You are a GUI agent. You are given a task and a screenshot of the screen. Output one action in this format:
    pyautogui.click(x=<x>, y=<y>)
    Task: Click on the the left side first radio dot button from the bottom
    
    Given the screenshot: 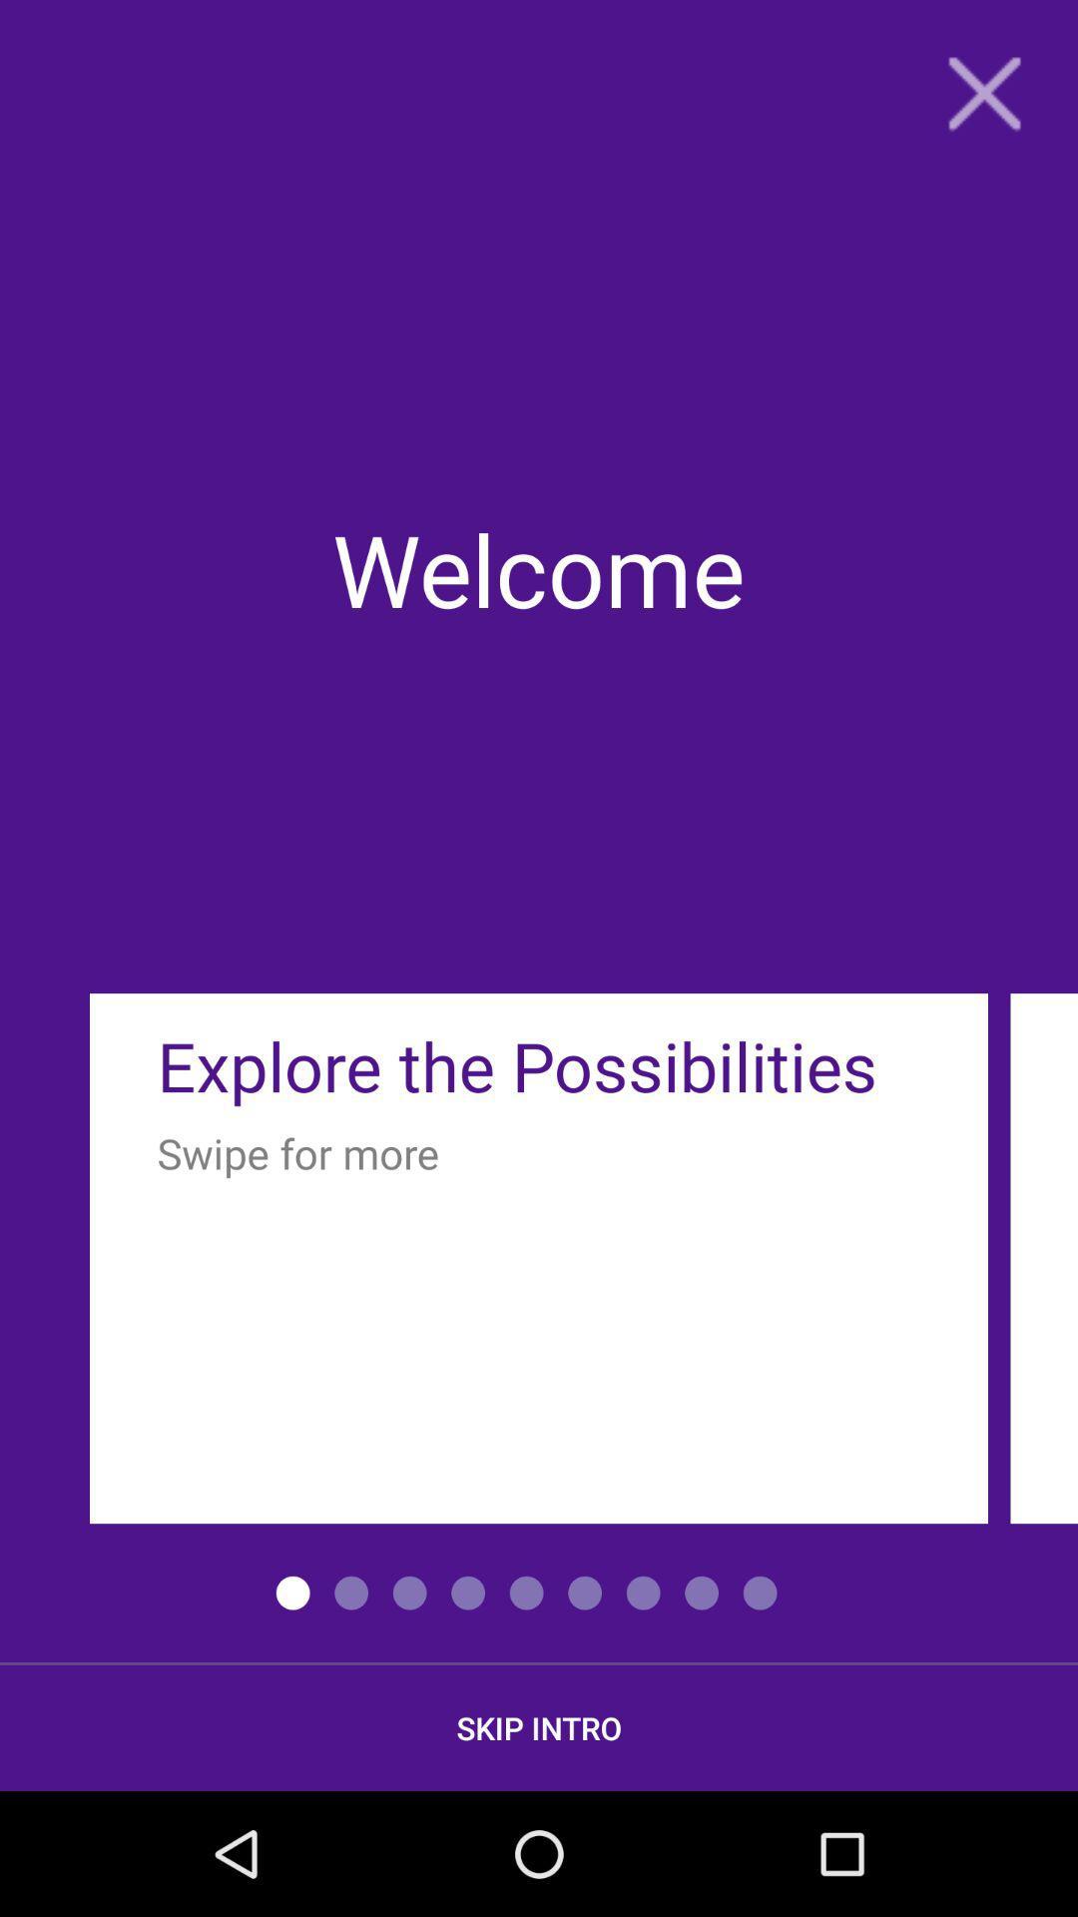 What is the action you would take?
    pyautogui.click(x=292, y=1593)
    